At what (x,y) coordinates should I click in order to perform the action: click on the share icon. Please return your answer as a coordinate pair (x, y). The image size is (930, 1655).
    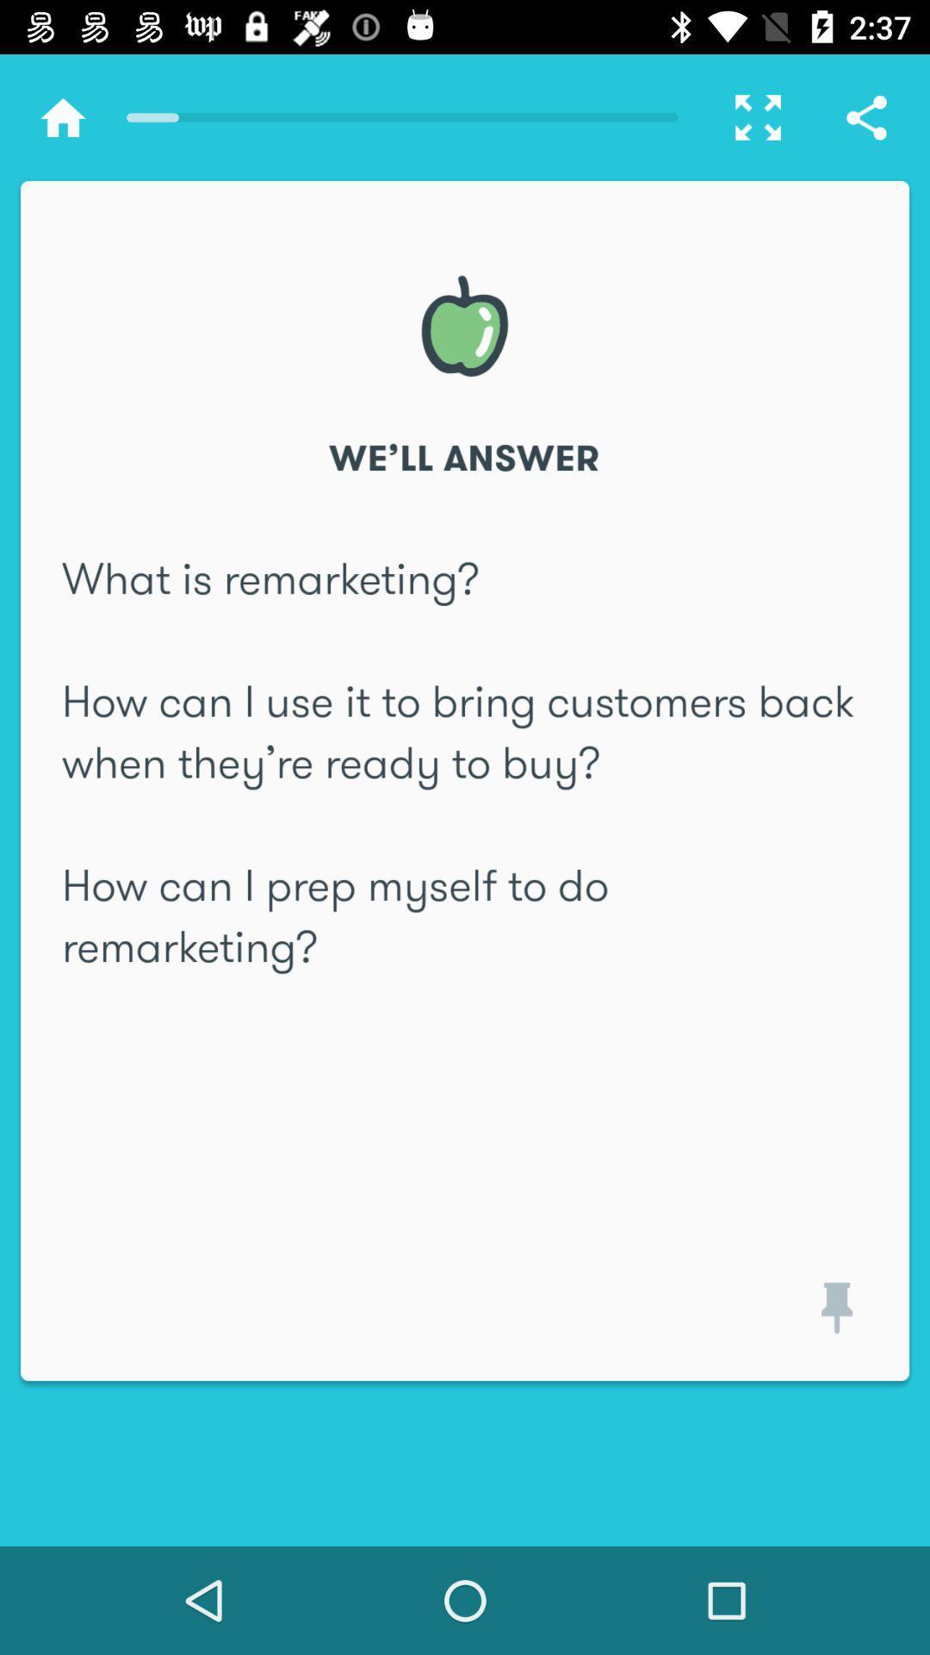
    Looking at the image, I should click on (866, 116).